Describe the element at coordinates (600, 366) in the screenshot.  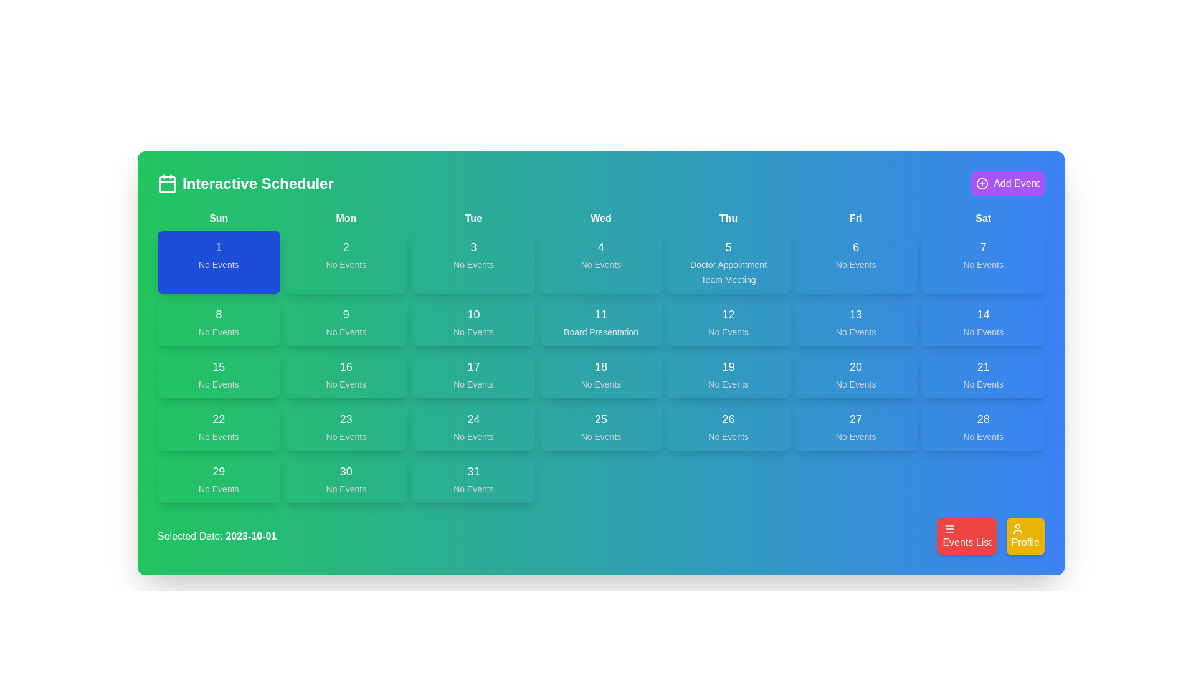
I see `the non-interactive text displaying the date '18' in the upper part of the calendar cell for October 18th, located in the third row and fourth column of the calendar grid` at that location.